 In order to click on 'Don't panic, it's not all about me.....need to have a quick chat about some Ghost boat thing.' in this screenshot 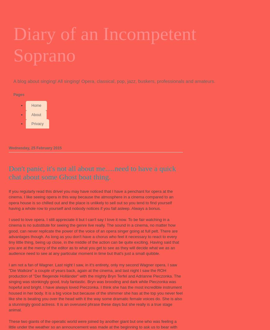, I will do `click(9, 172)`.